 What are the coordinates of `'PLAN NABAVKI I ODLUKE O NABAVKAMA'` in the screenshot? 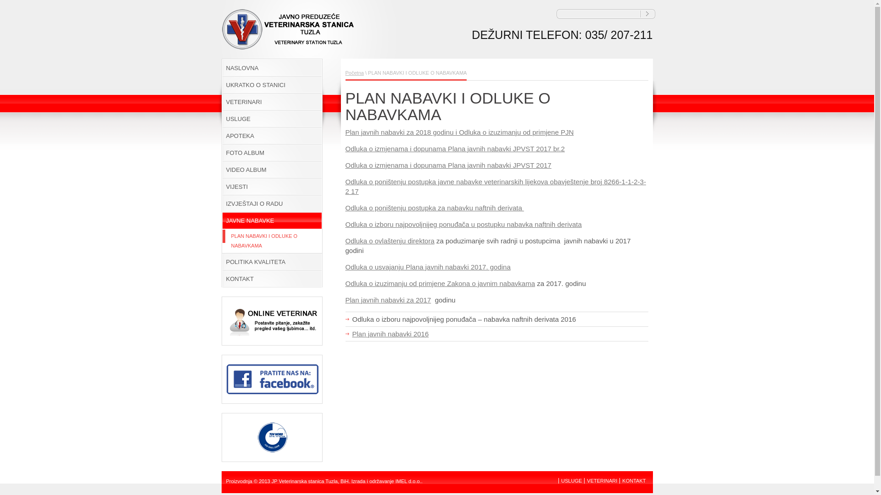 It's located at (271, 241).